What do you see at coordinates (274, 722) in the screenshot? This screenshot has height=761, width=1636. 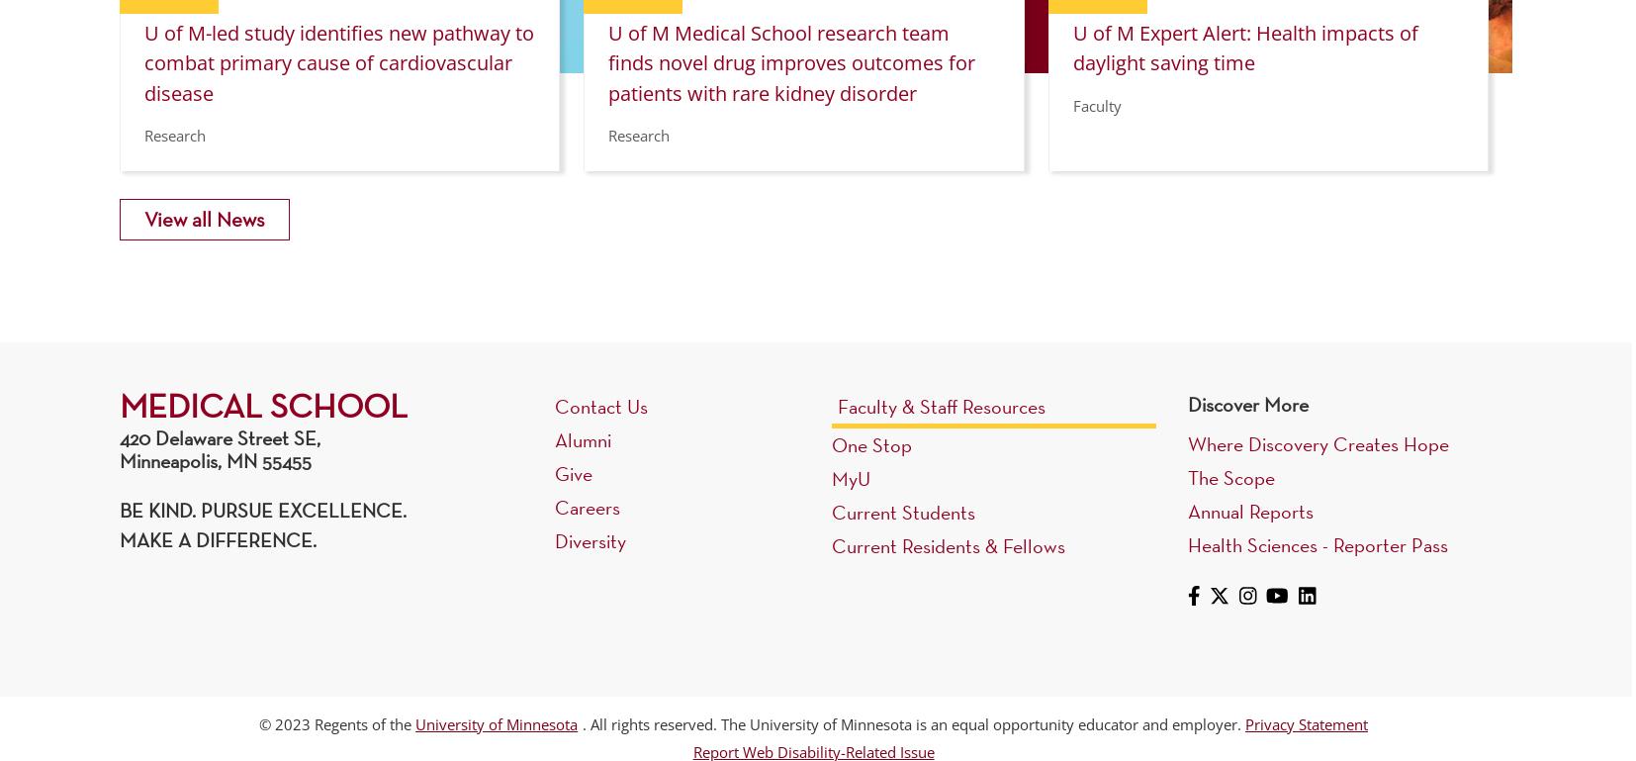 I see `'2023'` at bounding box center [274, 722].